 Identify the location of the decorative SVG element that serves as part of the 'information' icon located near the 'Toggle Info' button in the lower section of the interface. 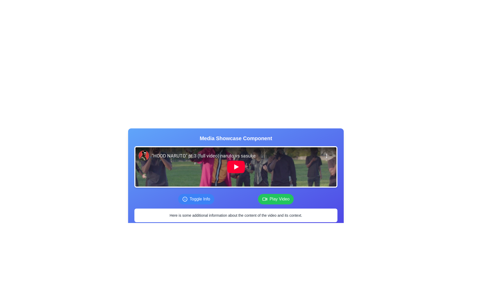
(185, 199).